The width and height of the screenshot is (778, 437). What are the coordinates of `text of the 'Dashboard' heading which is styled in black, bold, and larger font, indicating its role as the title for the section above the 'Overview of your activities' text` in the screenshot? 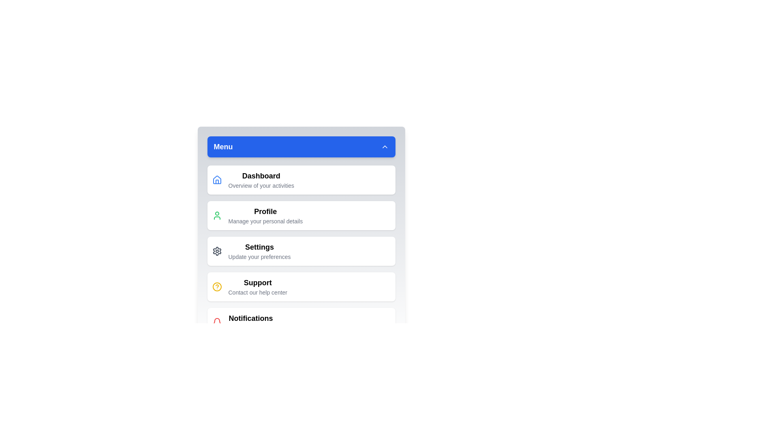 It's located at (261, 176).